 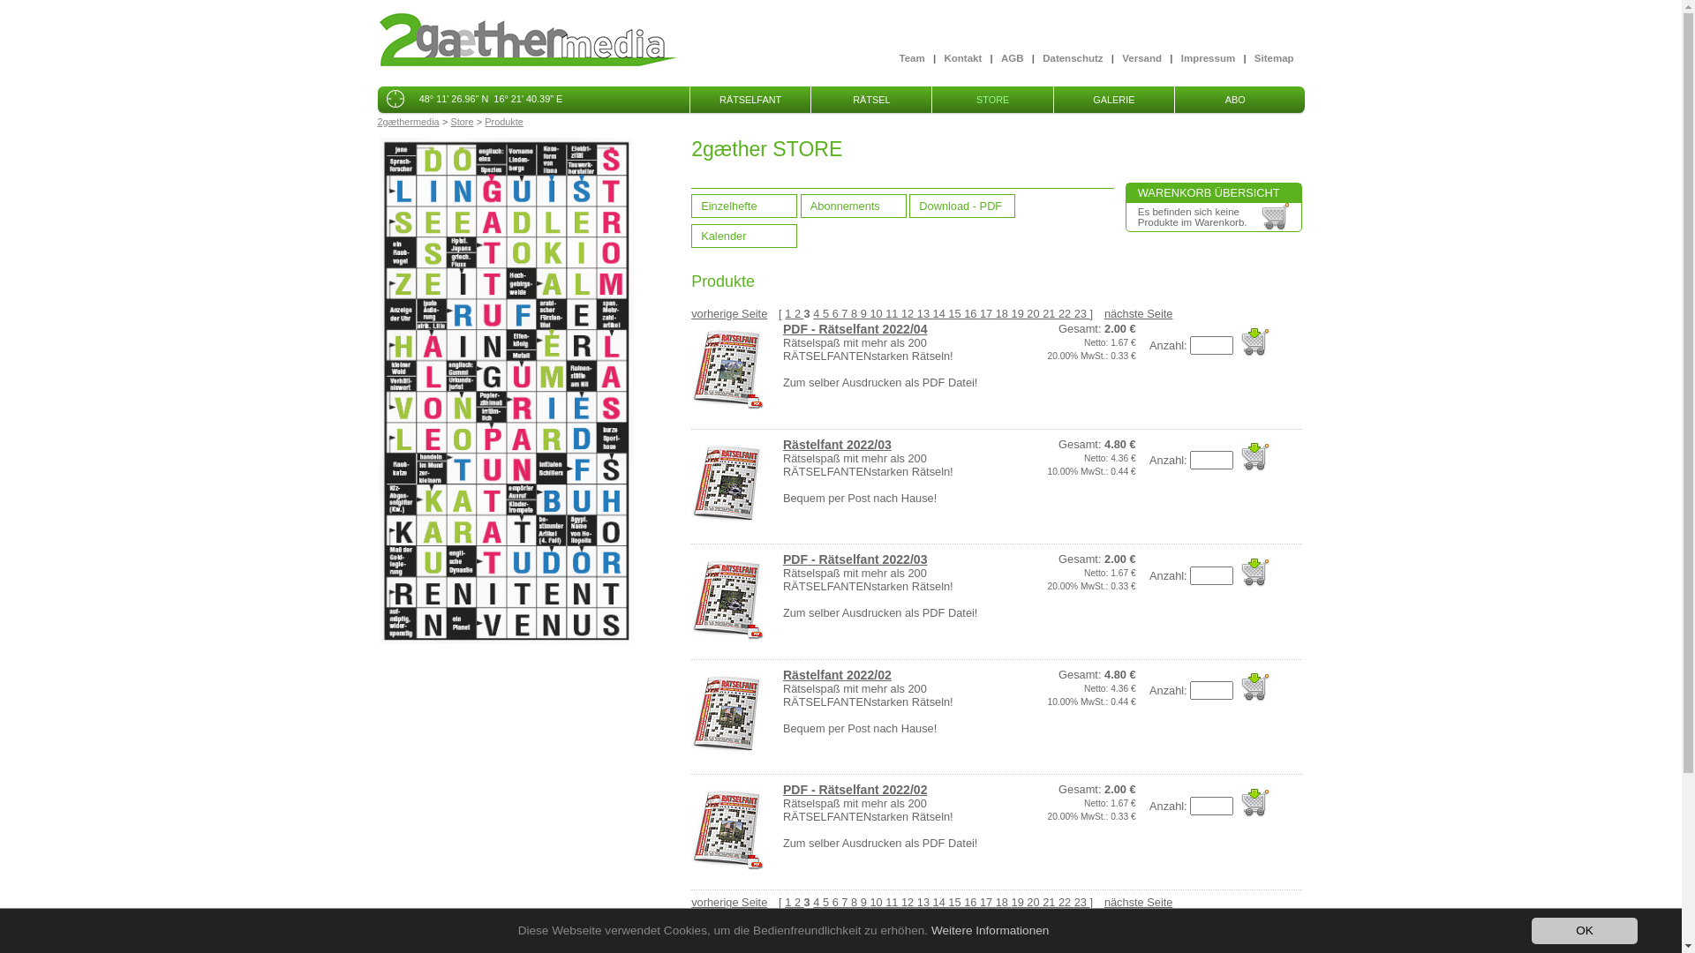 I want to click on '4', so click(x=817, y=312).